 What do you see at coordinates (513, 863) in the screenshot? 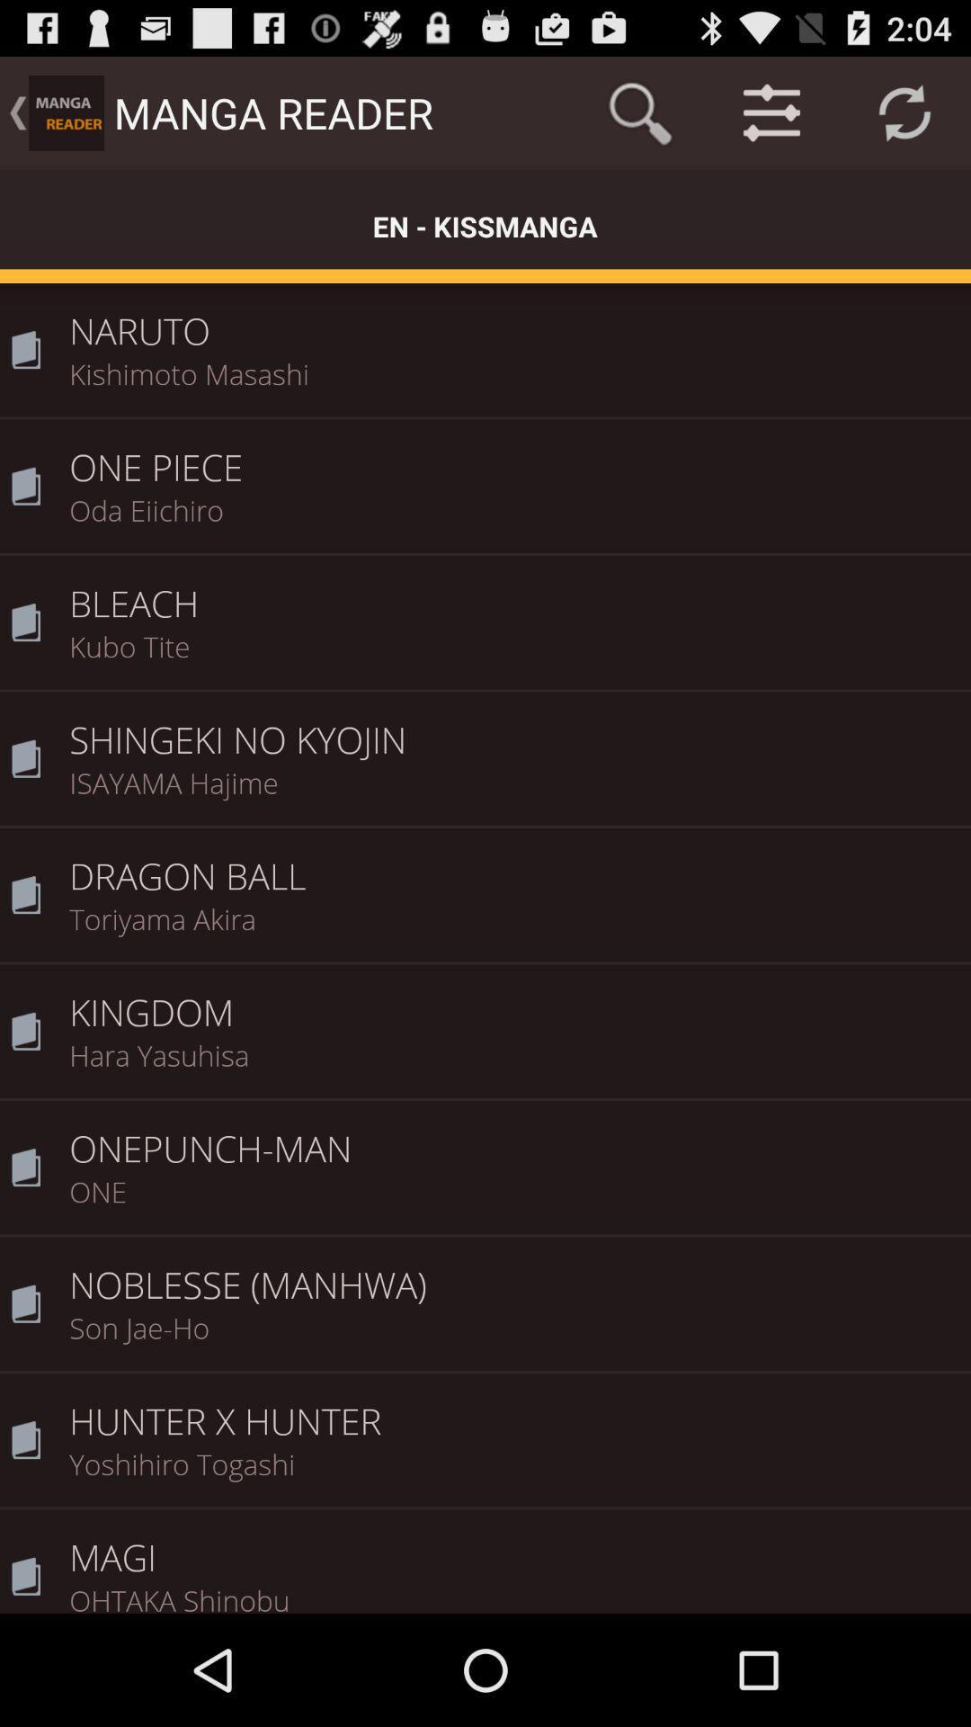
I see `the item above toriyama akira icon` at bounding box center [513, 863].